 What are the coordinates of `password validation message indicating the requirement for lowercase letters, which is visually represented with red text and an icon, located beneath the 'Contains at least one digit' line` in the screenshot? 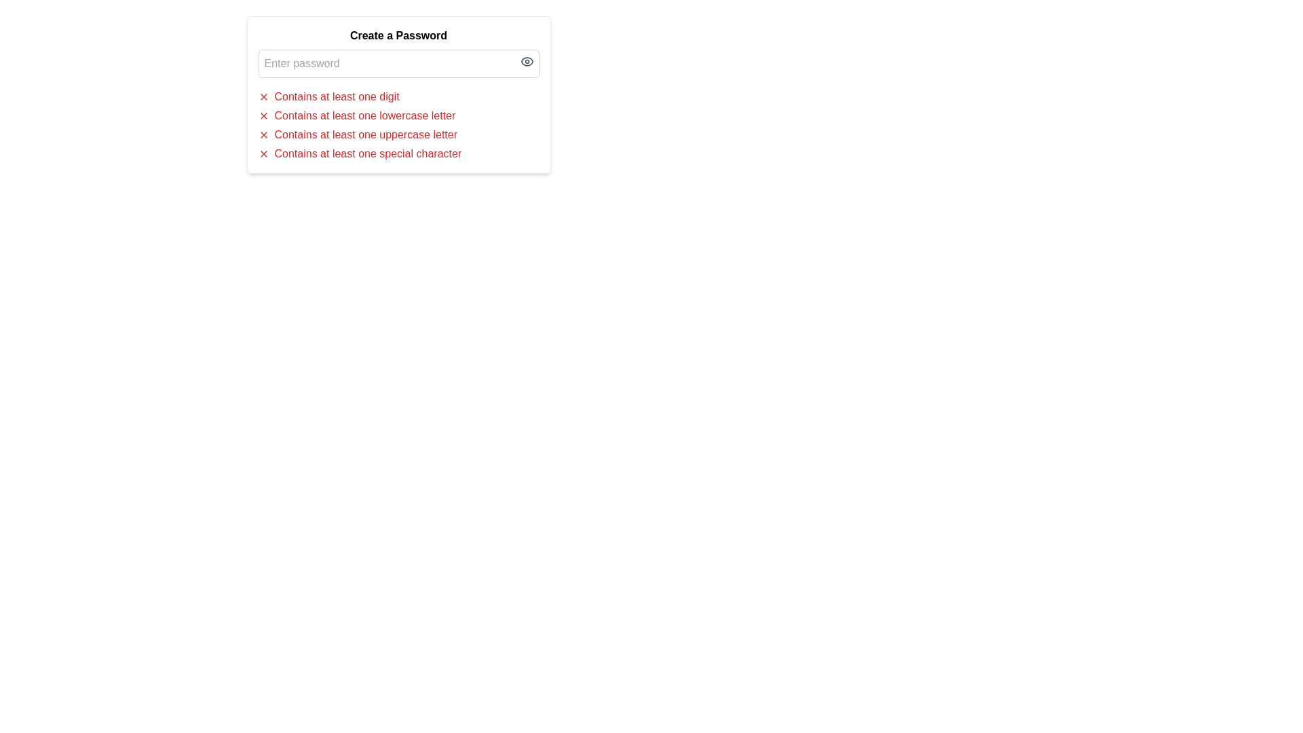 It's located at (398, 115).